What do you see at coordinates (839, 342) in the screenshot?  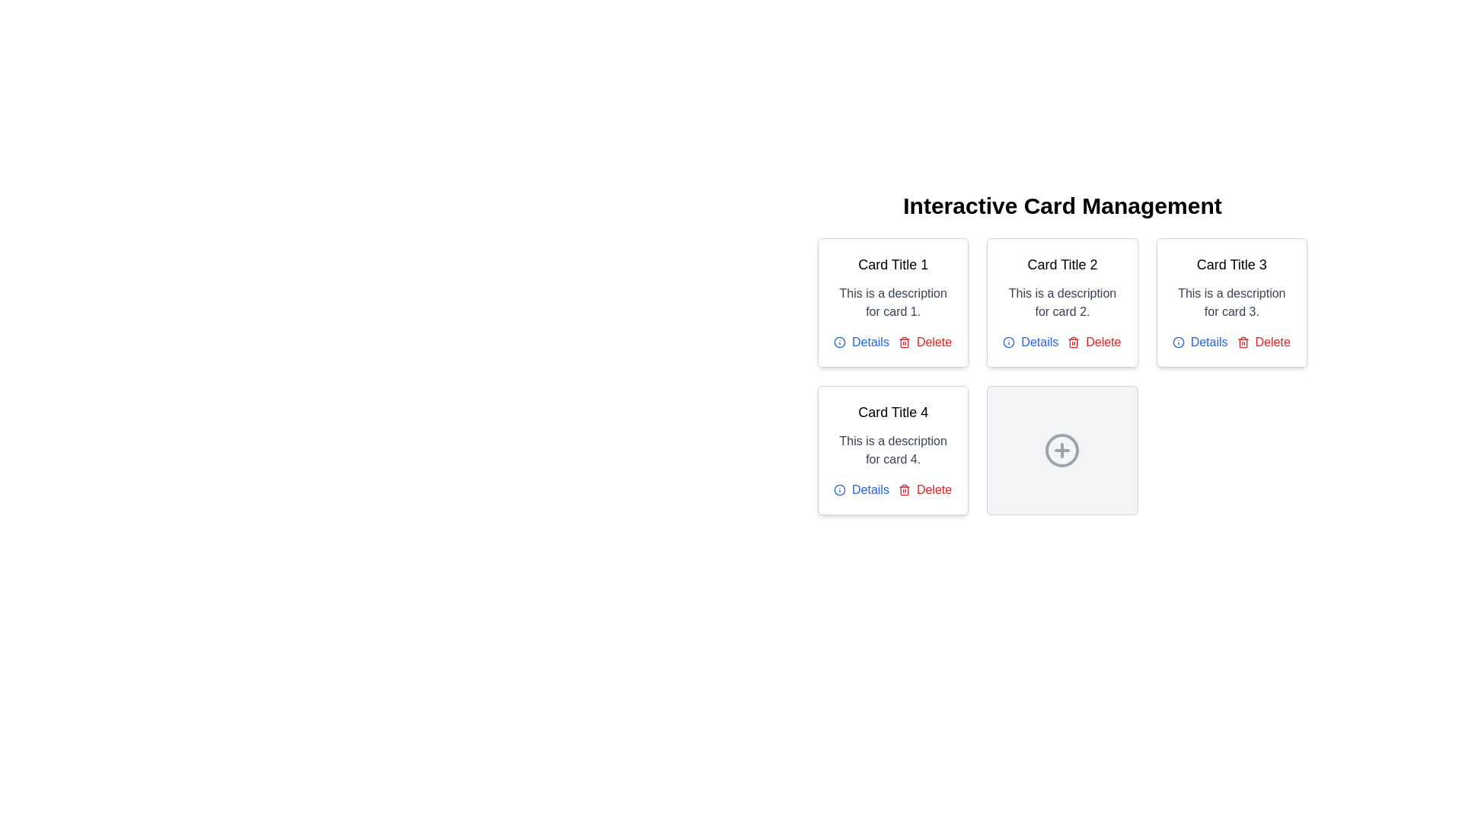 I see `the 'Details' icon located in the lower-left corner of the first card in the grid layout, which visually supports the 'Details' link for additional information` at bounding box center [839, 342].